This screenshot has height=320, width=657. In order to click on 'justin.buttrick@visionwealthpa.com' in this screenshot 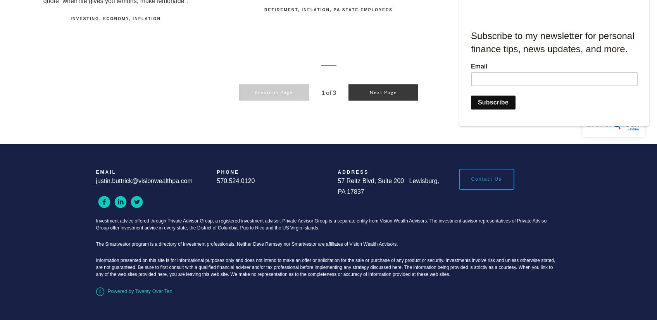, I will do `click(143, 181)`.